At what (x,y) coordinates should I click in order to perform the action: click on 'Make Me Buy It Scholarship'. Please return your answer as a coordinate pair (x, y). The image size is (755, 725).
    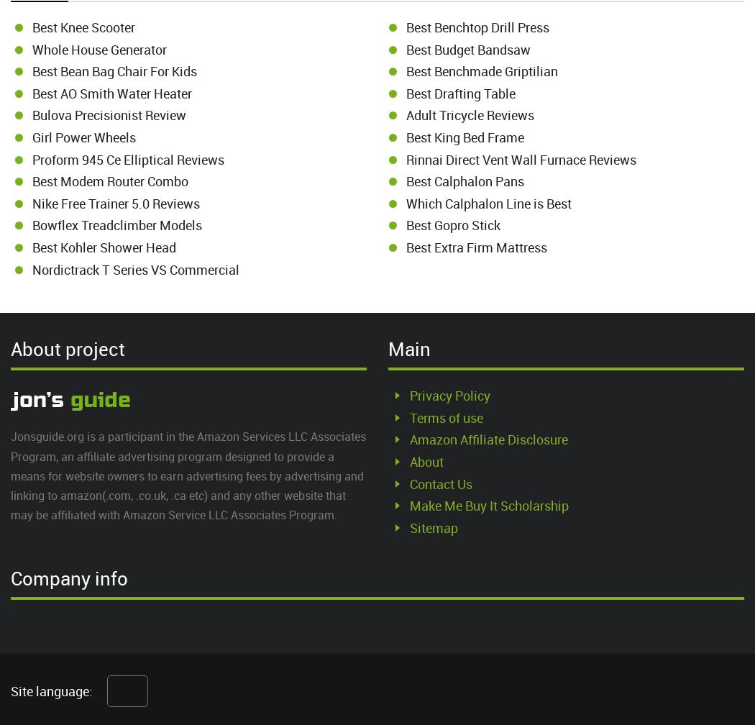
    Looking at the image, I should click on (489, 505).